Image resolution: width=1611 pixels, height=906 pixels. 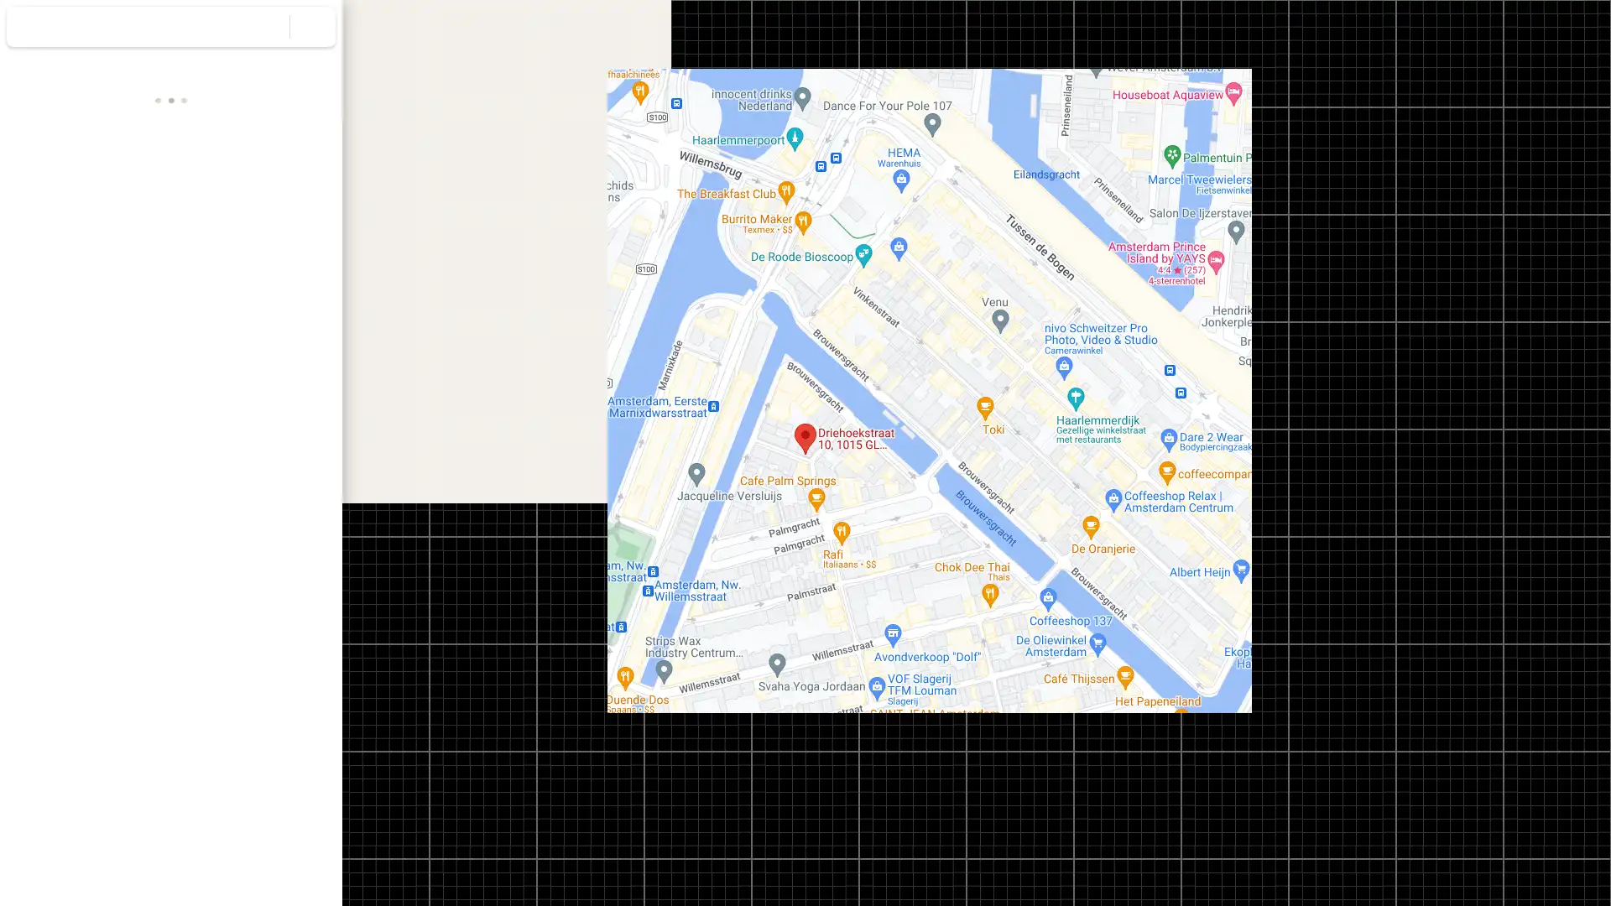 What do you see at coordinates (266, 26) in the screenshot?
I see `Zoeken` at bounding box center [266, 26].